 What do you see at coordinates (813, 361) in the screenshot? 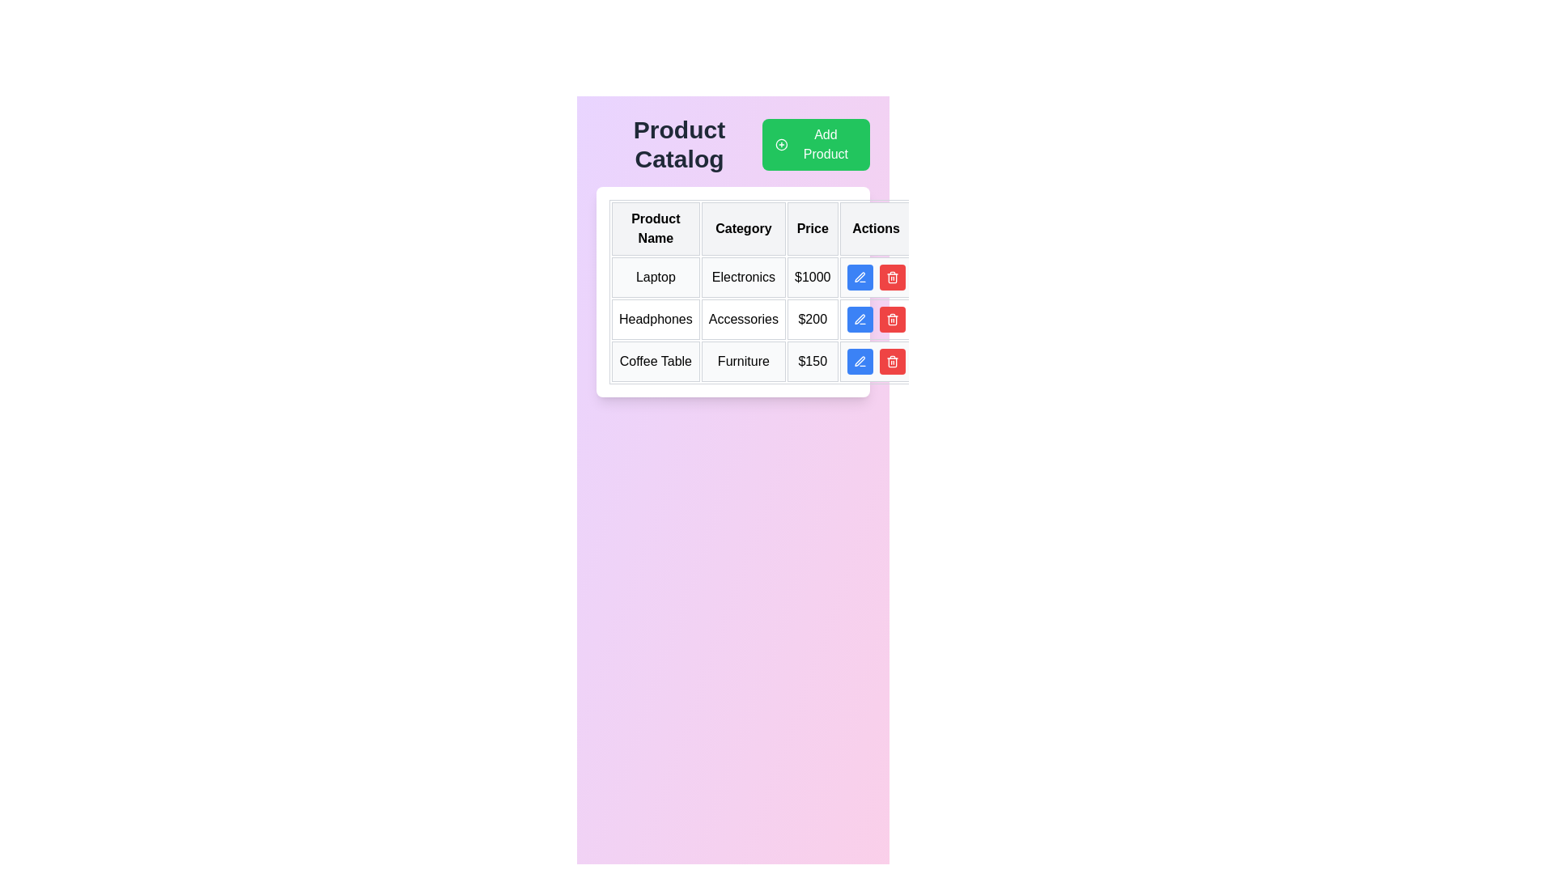
I see `the static text label displaying '$150' which is located in the third row under the 'Price' header of the table` at bounding box center [813, 361].